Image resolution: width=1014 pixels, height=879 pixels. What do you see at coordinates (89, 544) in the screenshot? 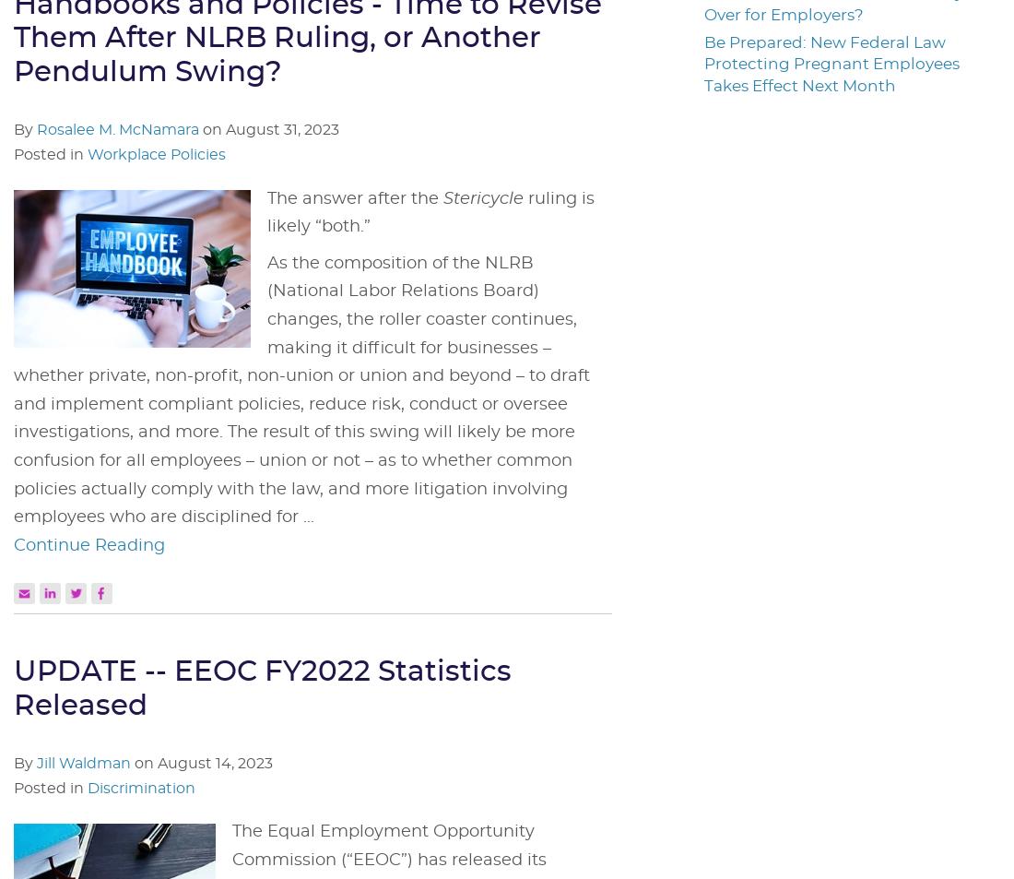
I see `'Continue Reading'` at bounding box center [89, 544].